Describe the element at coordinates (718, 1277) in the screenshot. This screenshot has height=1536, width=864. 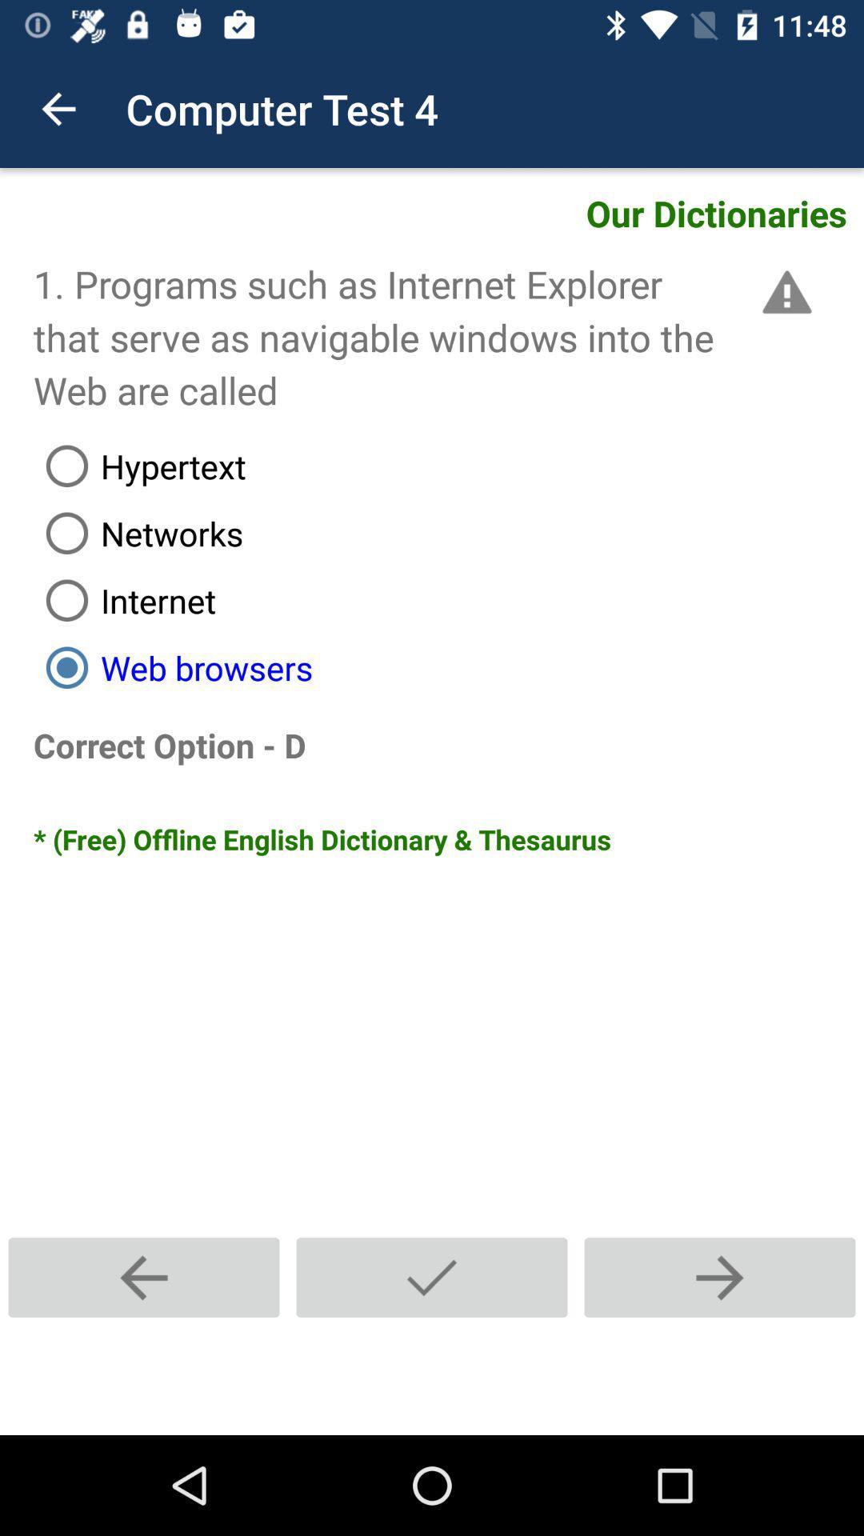
I see `the item at the bottom right corner` at that location.